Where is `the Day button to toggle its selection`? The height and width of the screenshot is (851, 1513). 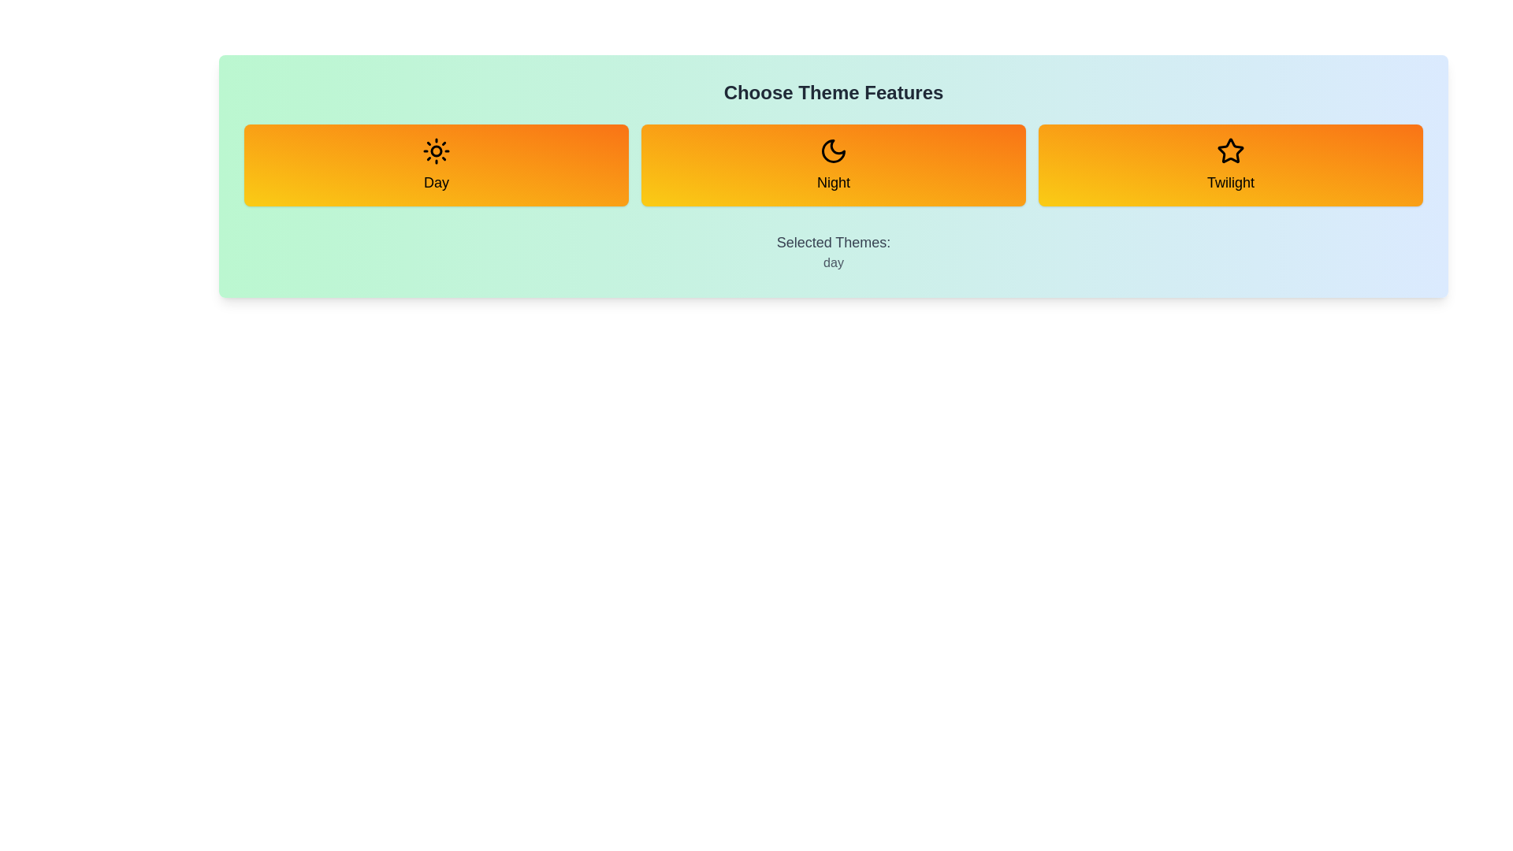
the Day button to toggle its selection is located at coordinates (436, 165).